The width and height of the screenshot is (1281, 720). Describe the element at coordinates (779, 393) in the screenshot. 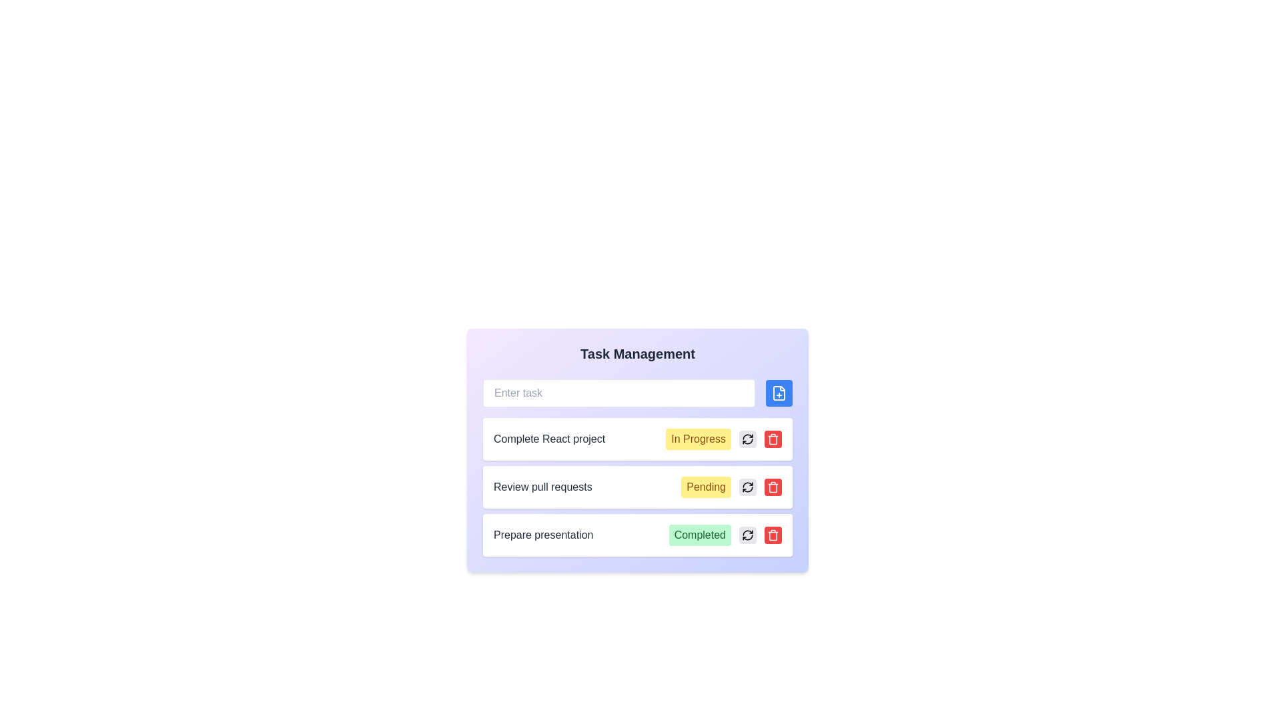

I see `the file-related icon positioned at the top-right section of the button located to the right of the input field in the Task Management interface` at that location.